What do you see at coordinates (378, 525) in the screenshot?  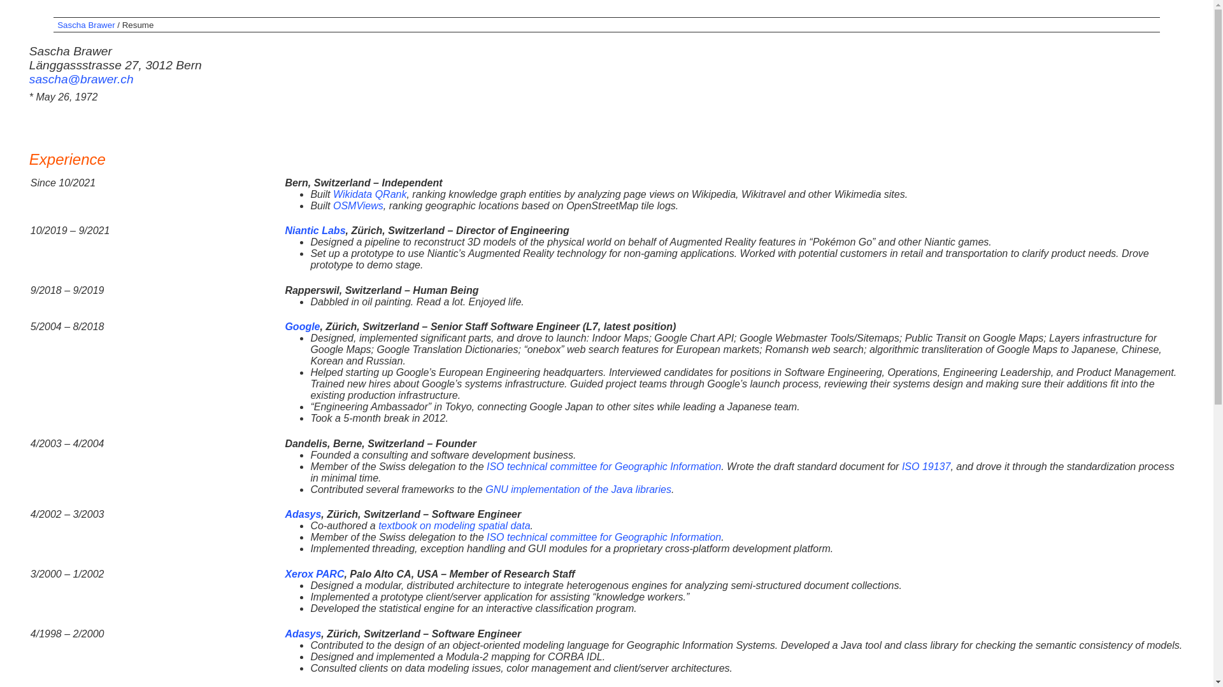 I see `'textbook on modeling spatial data'` at bounding box center [378, 525].